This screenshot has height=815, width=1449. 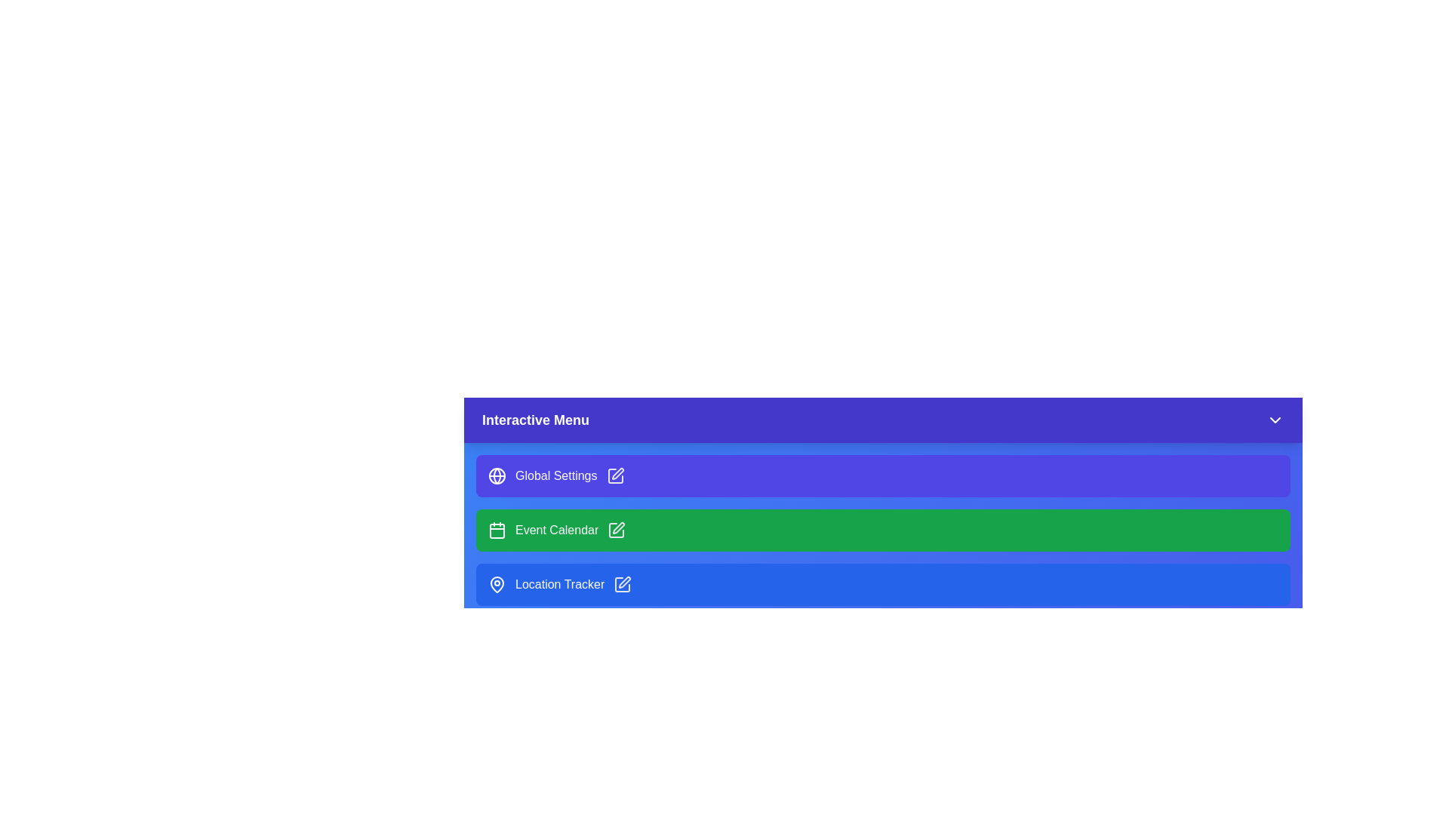 What do you see at coordinates (497, 529) in the screenshot?
I see `the icon of Event Calendar in the InteractiveDashboardMenu` at bounding box center [497, 529].